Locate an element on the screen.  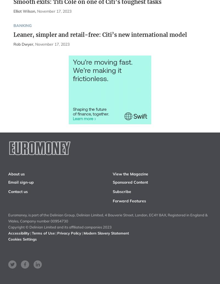
'Terms of Use' is located at coordinates (43, 233).